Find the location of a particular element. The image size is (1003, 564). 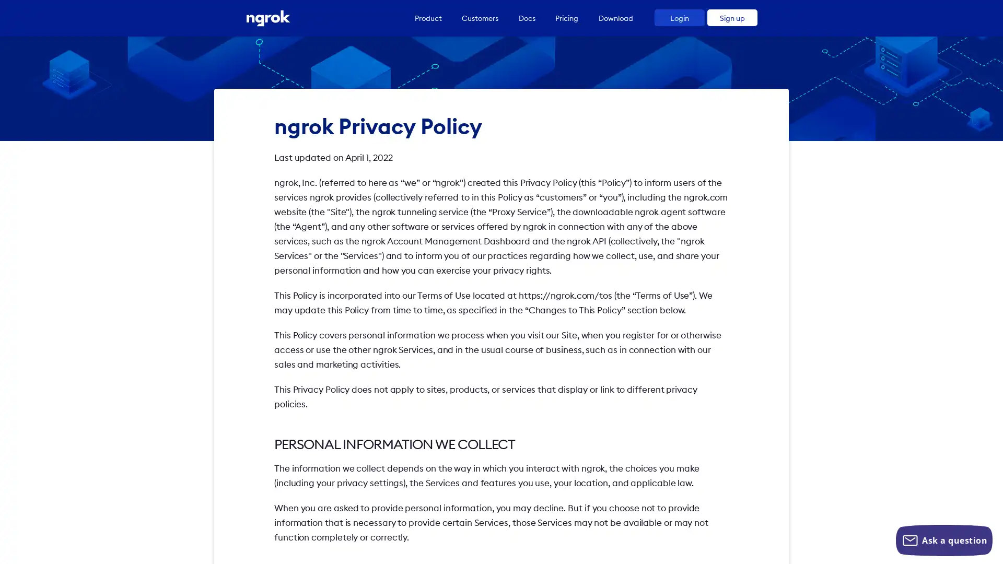

Ask a question is located at coordinates (944, 540).